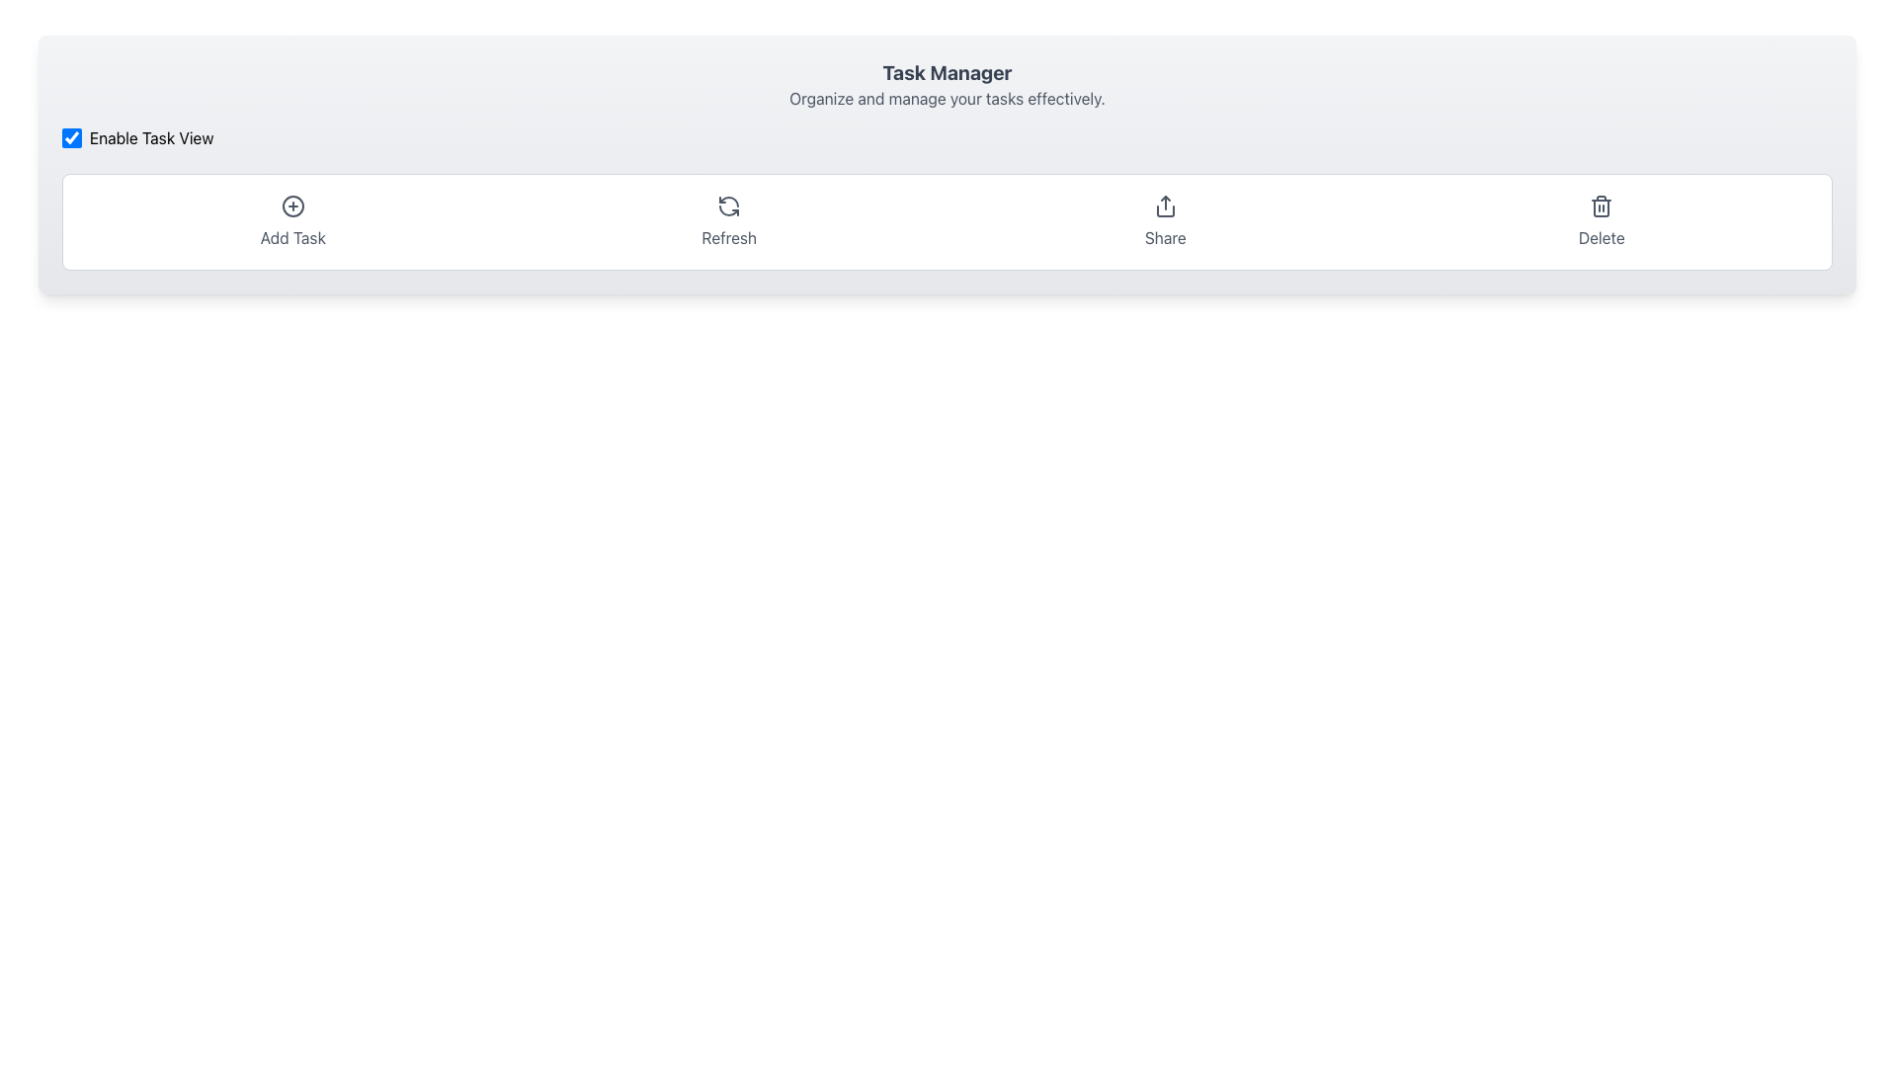 The image size is (1897, 1067). Describe the element at coordinates (728, 236) in the screenshot. I see `the 'Refresh' text label which is displayed in gray color and is positioned below a circular arrow icon` at that location.